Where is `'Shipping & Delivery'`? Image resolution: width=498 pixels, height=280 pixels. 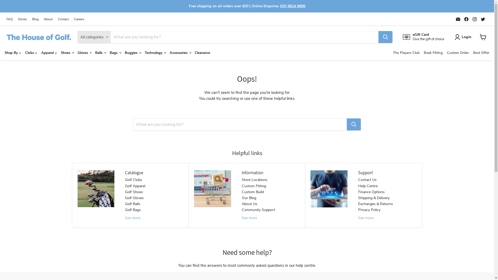 'Shipping & Delivery' is located at coordinates (374, 198).